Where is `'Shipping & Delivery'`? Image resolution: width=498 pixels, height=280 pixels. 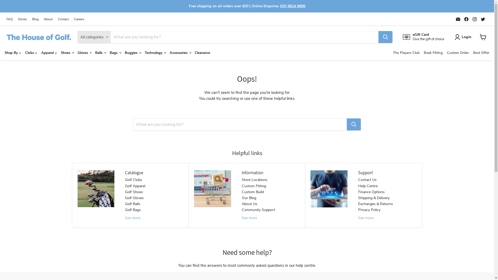 'Shipping & Delivery' is located at coordinates (374, 198).